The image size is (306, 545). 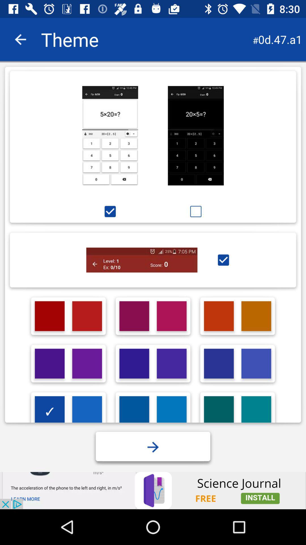 I want to click on advertisement, so click(x=171, y=411).